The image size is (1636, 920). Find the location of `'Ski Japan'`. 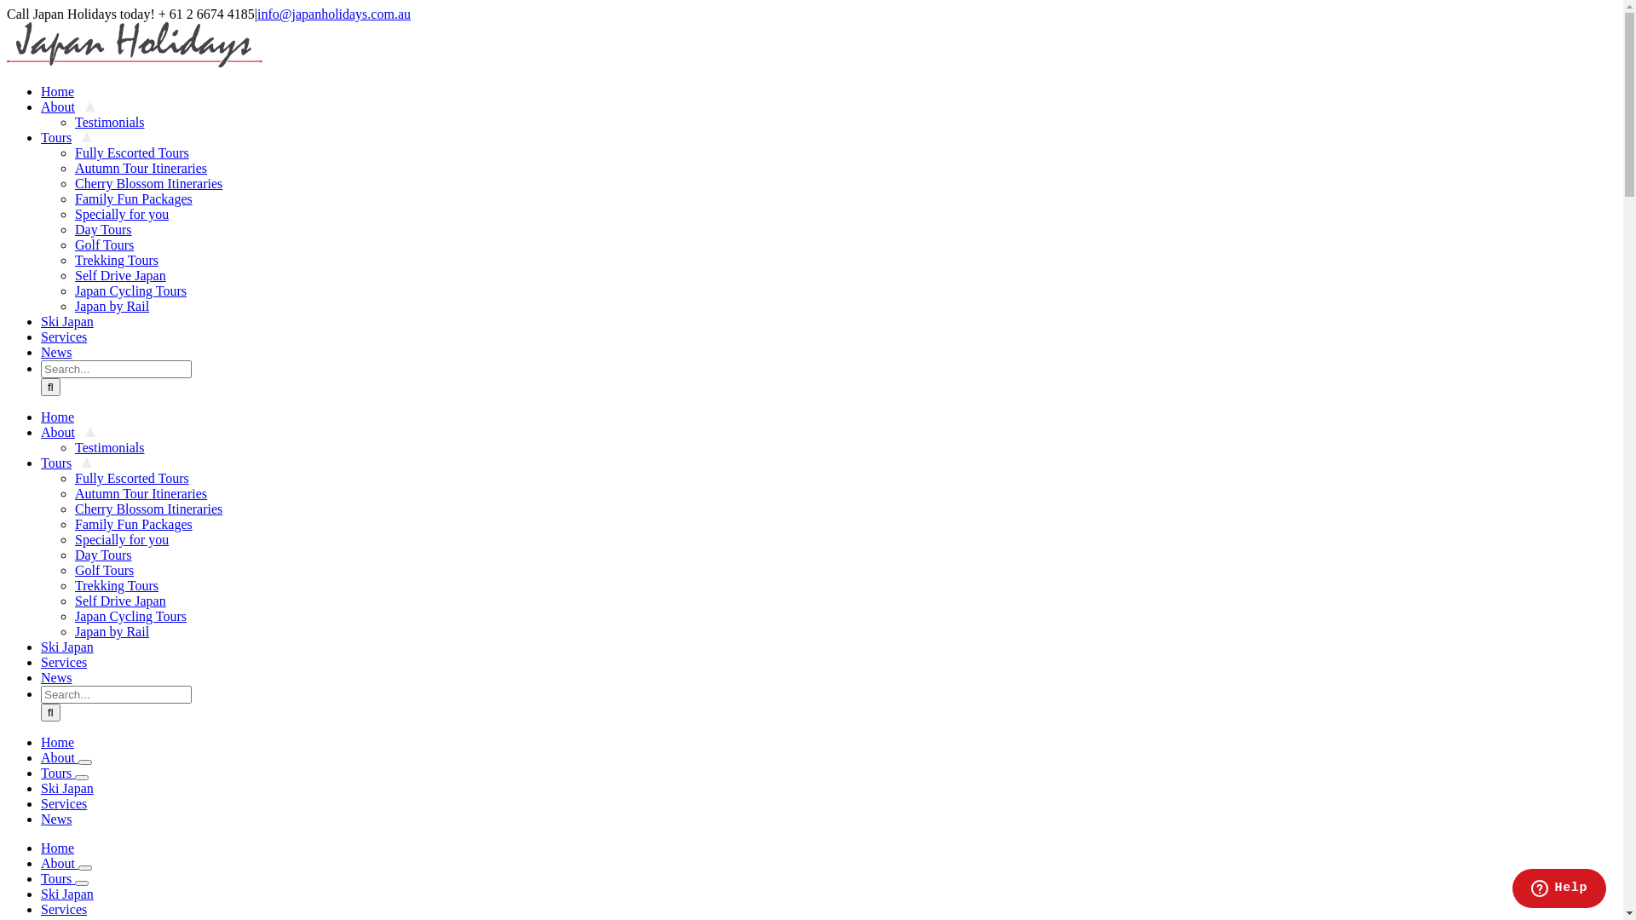

'Ski Japan' is located at coordinates (66, 893).